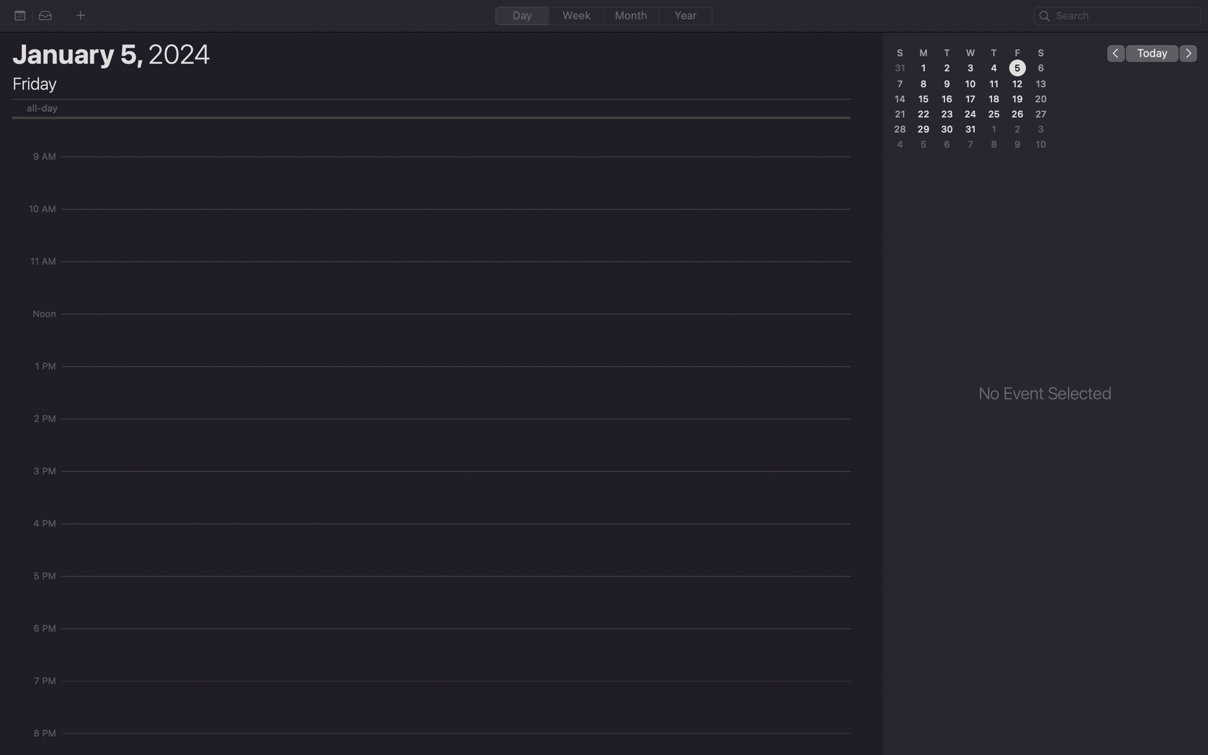 This screenshot has width=1208, height=755. Describe the element at coordinates (972, 130) in the screenshot. I see `Activate the option 31` at that location.